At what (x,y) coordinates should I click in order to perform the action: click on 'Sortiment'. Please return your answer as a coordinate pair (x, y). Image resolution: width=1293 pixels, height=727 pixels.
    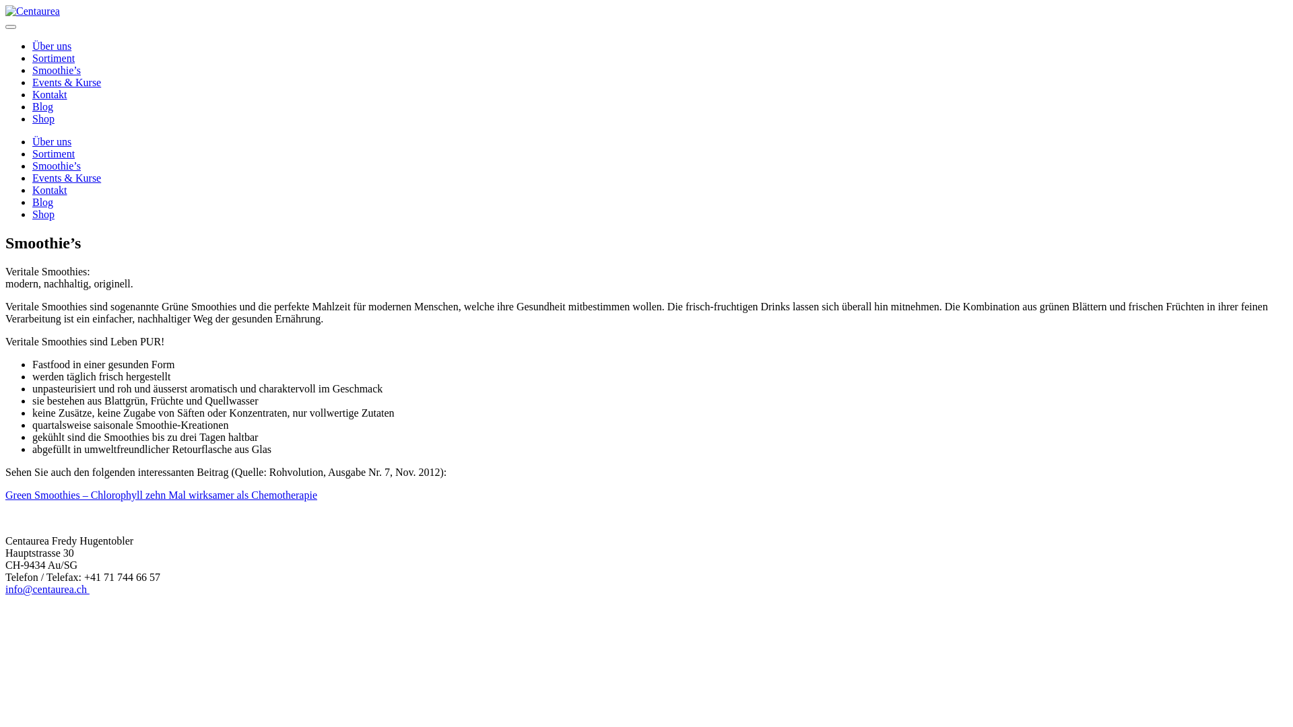
    Looking at the image, I should click on (53, 153).